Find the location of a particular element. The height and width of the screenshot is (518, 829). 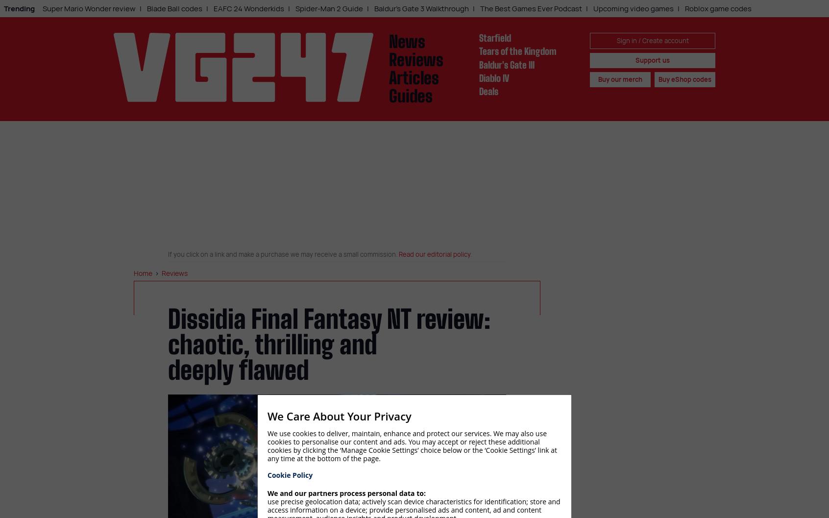

'Starfield' is located at coordinates (494, 37).